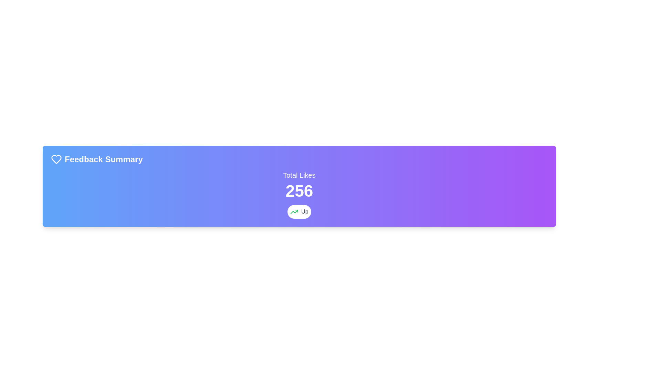 The height and width of the screenshot is (372, 661). What do you see at coordinates (299, 211) in the screenshot?
I see `the distinctive upward trend indicator button located at the bottom of the 'Feedback Summary' section` at bounding box center [299, 211].